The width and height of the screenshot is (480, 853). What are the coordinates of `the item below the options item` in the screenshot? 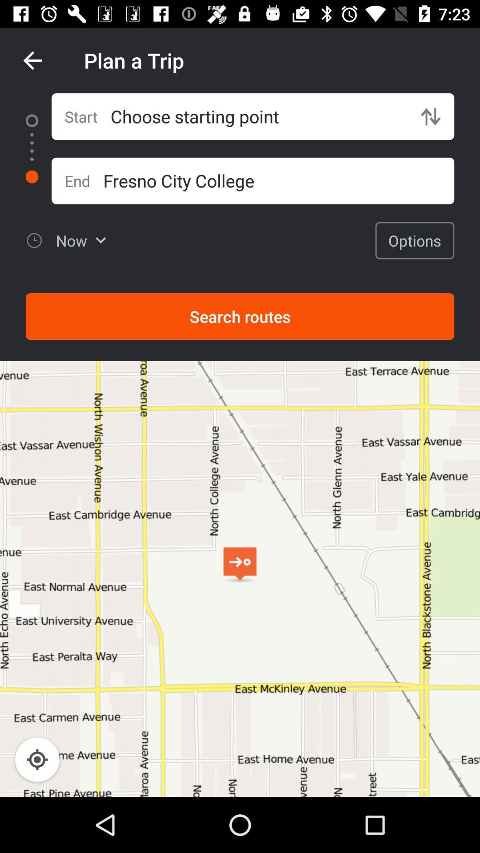 It's located at (240, 316).